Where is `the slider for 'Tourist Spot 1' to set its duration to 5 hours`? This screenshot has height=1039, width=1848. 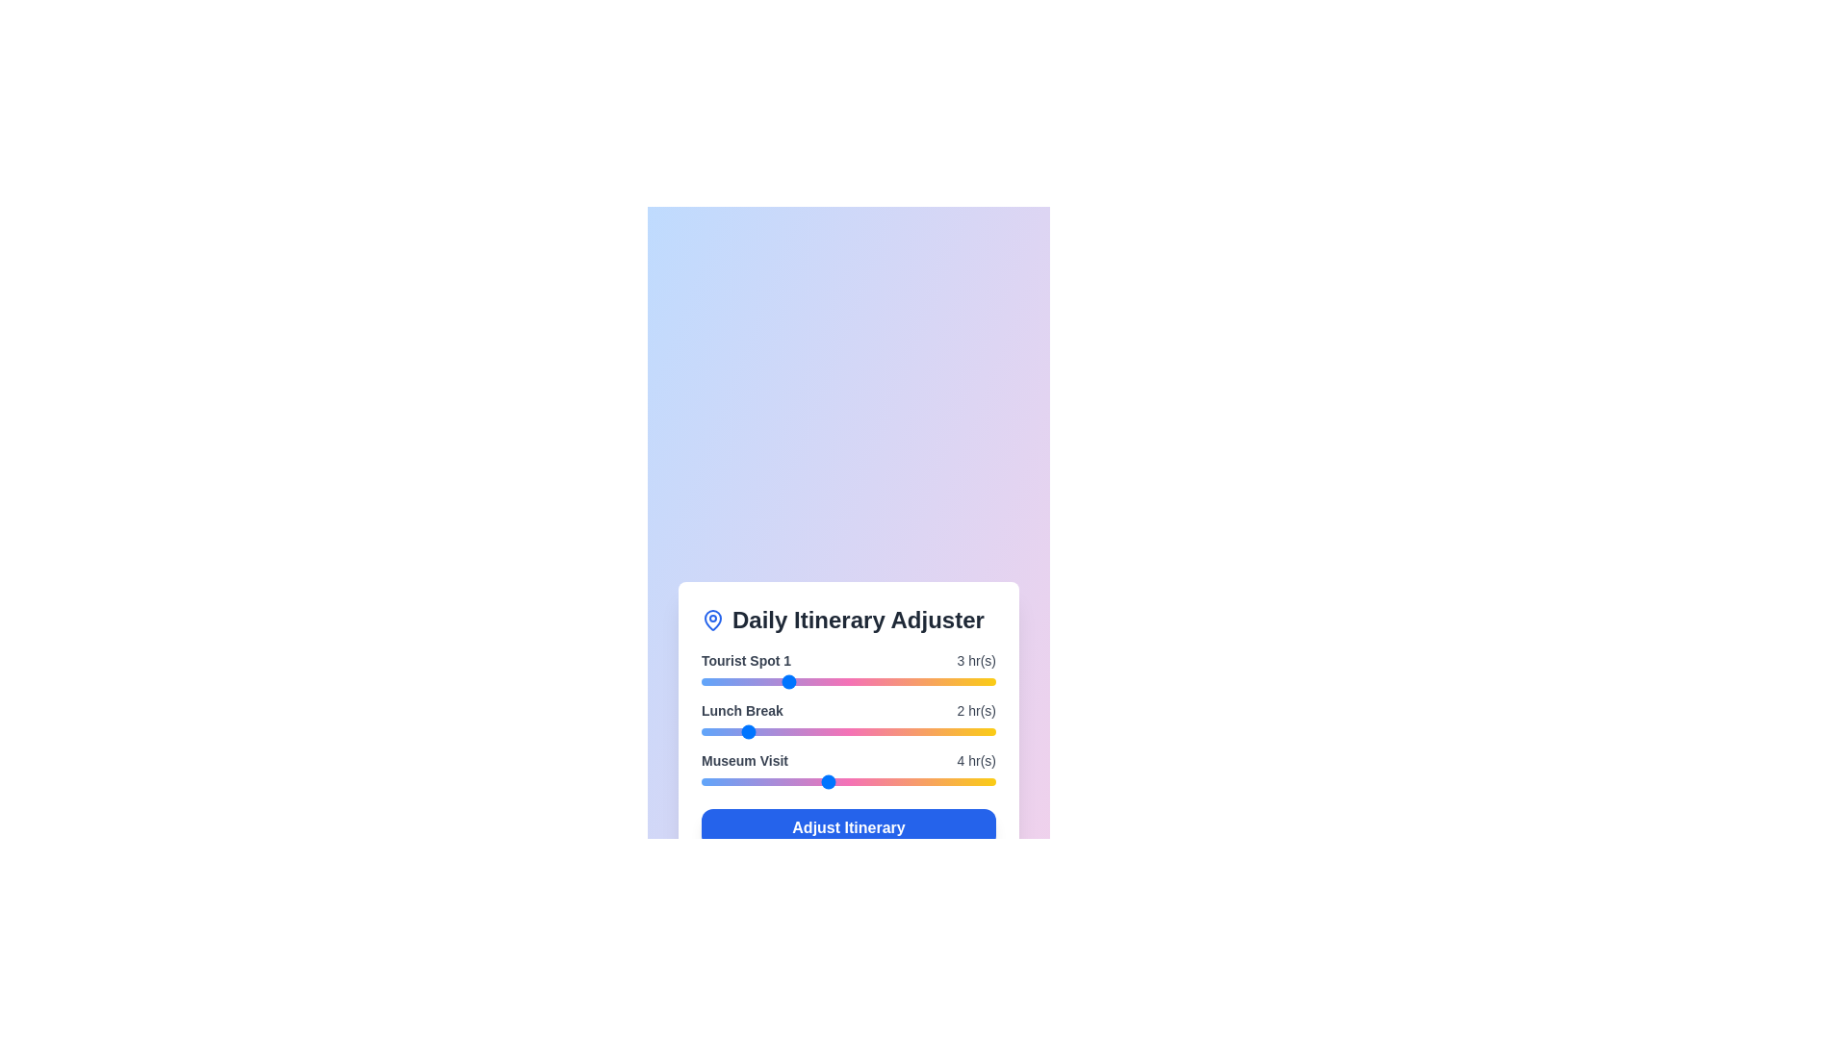
the slider for 'Tourist Spot 1' to set its duration to 5 hours is located at coordinates (868, 681).